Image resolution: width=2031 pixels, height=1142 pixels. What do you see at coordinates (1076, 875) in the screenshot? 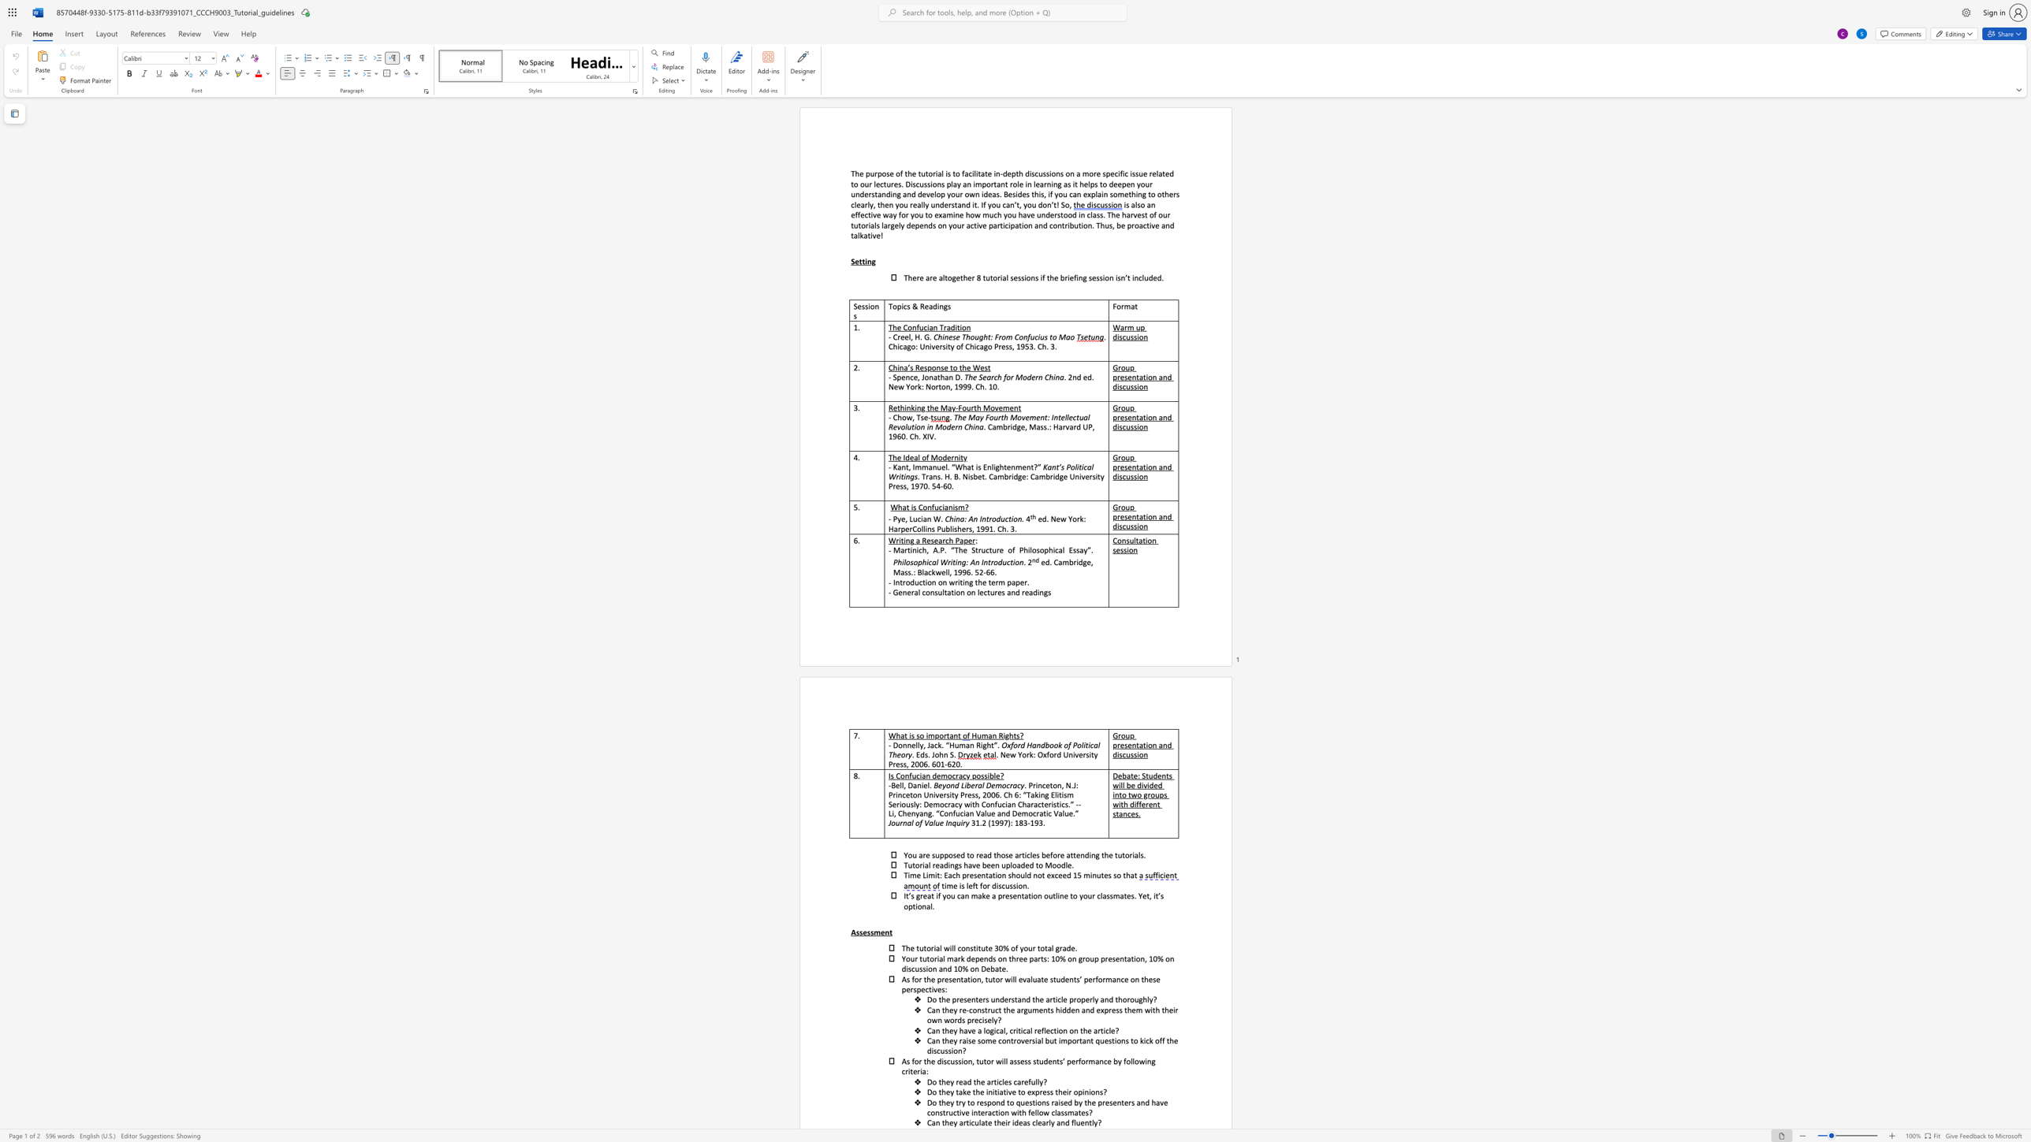
I see `the subset text "5 minutes so tha" within the text "Time Limit: Each presentation should not exceed 15 minutes so that"` at bounding box center [1076, 875].